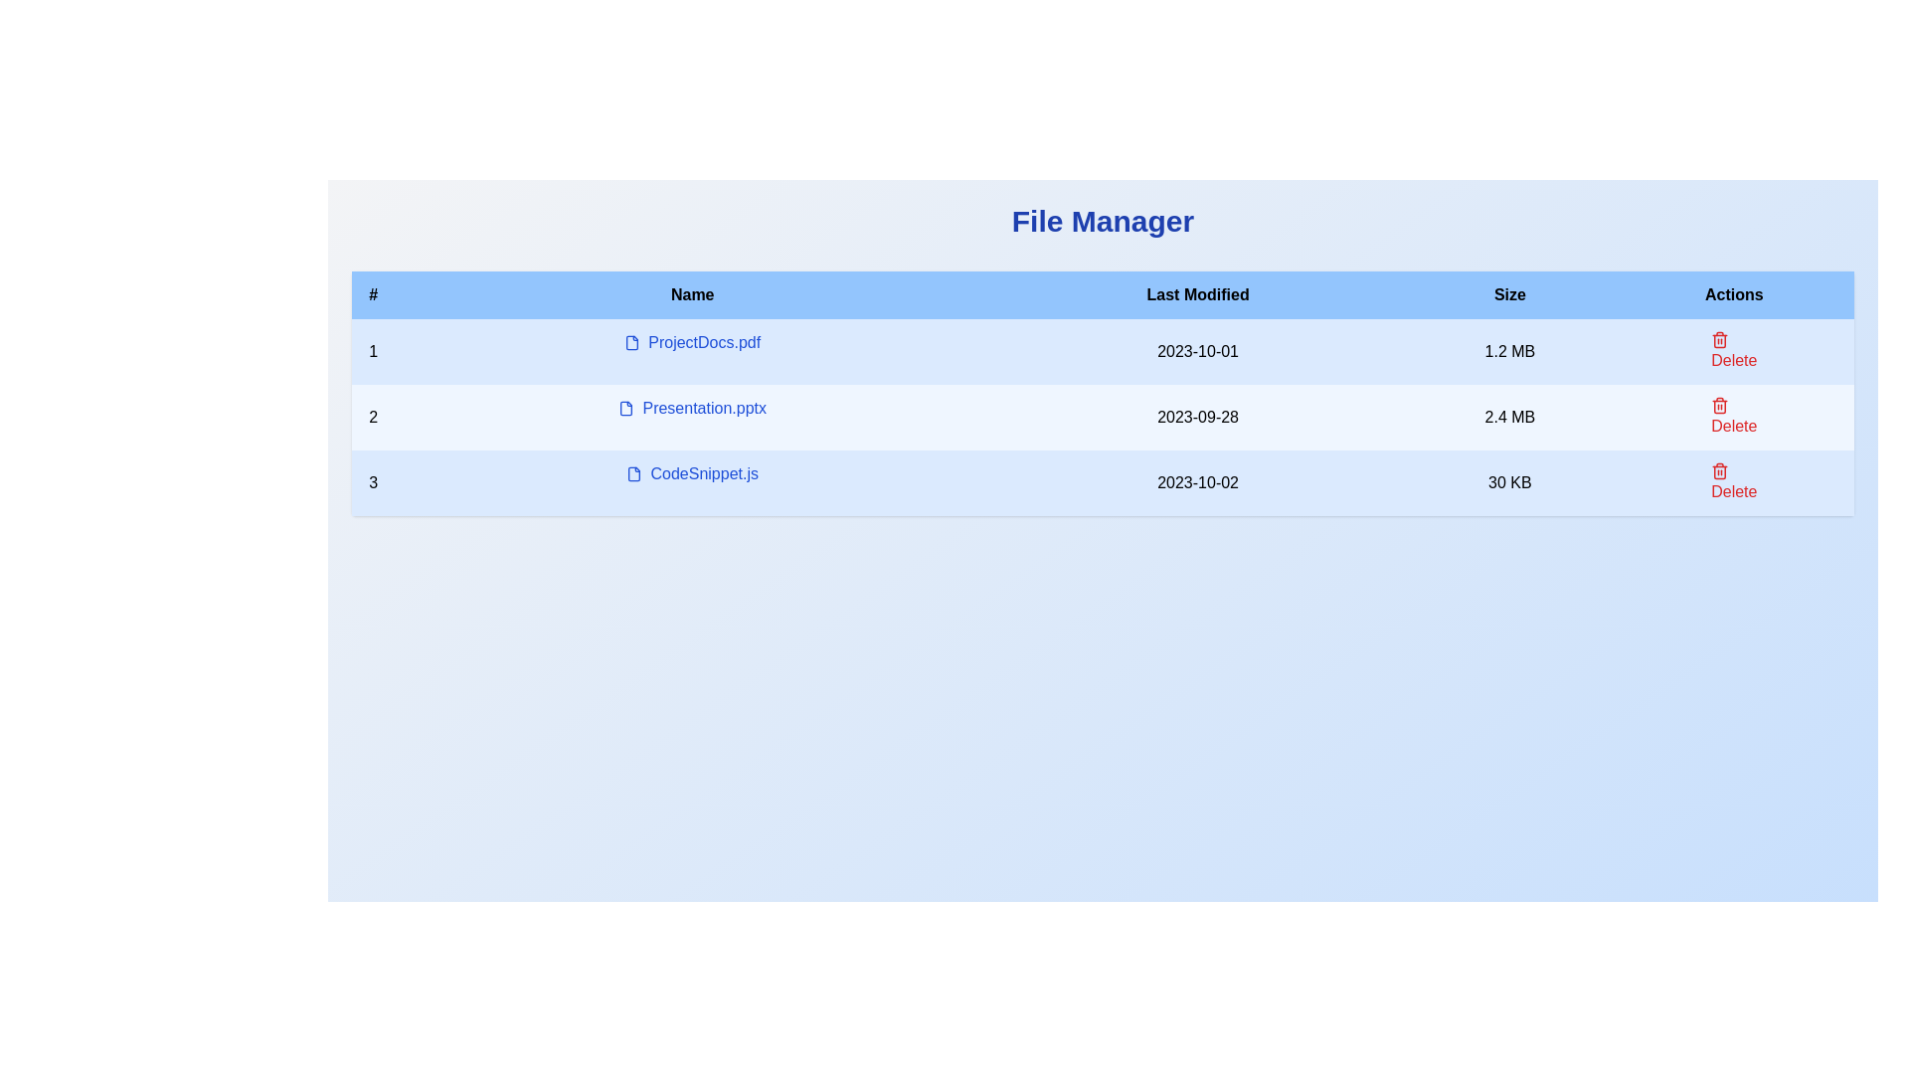 The width and height of the screenshot is (1909, 1074). What do you see at coordinates (1732, 483) in the screenshot?
I see `the 'Delete' button with red text and a trashcan icon located in the last column of the third row in the table to initiate deletion` at bounding box center [1732, 483].